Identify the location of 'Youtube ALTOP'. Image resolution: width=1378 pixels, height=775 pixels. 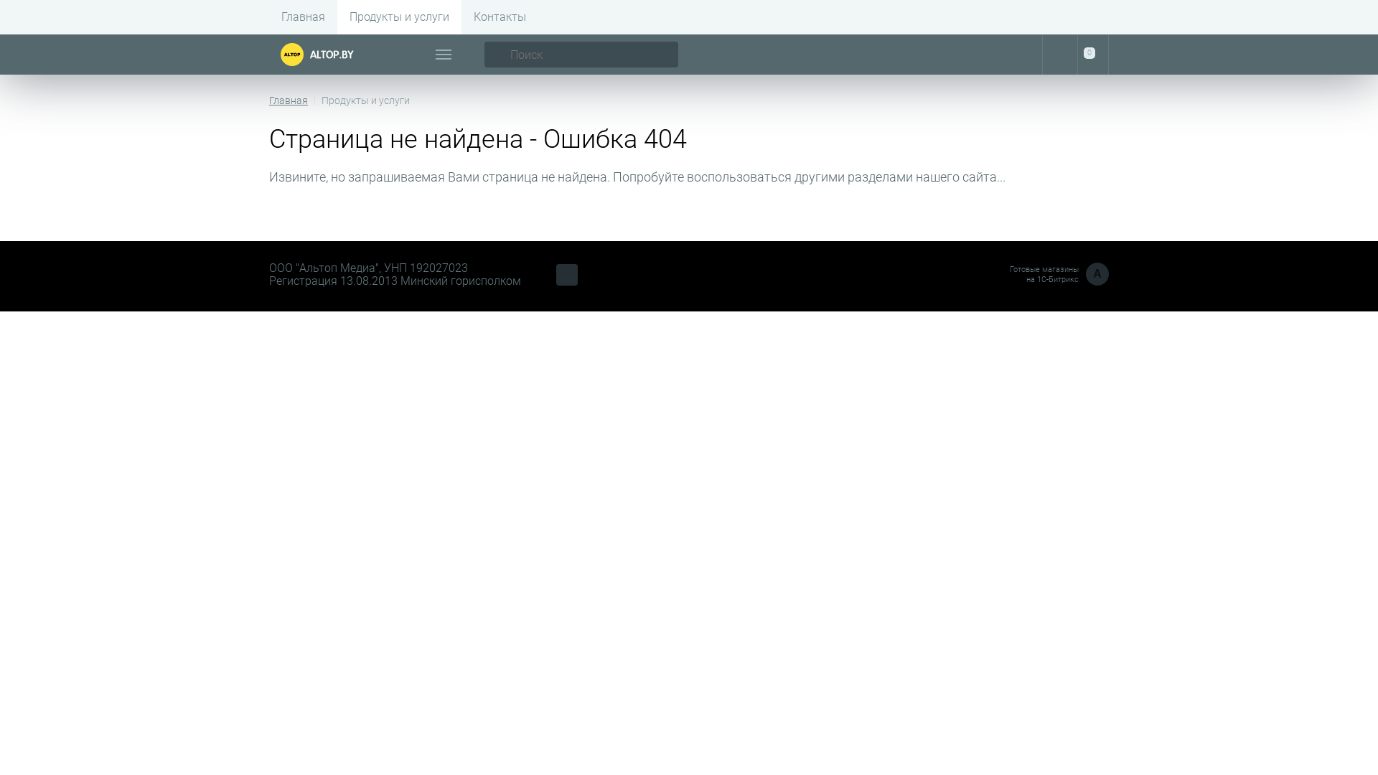
(566, 274).